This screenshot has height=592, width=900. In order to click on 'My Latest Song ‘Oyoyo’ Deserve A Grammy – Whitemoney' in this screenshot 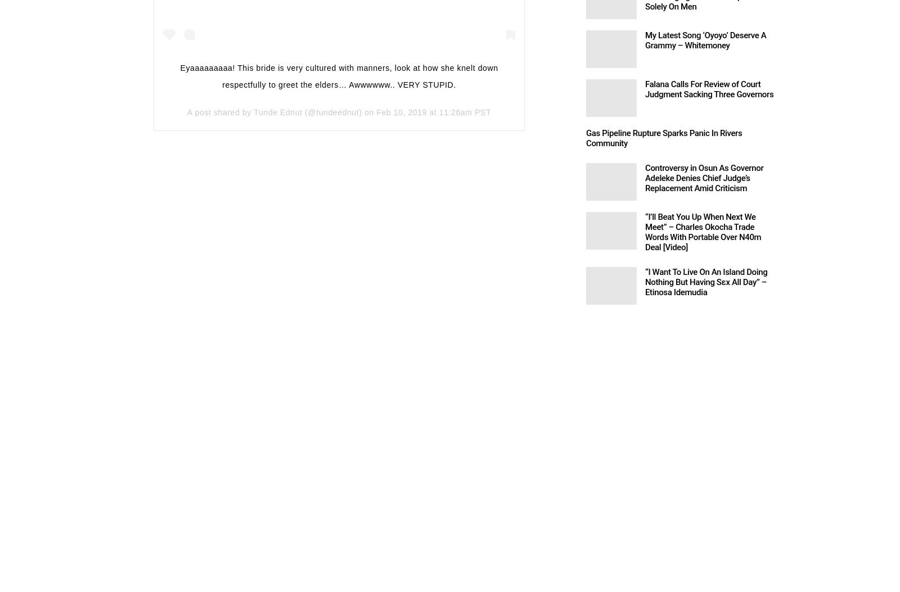, I will do `click(705, 39)`.